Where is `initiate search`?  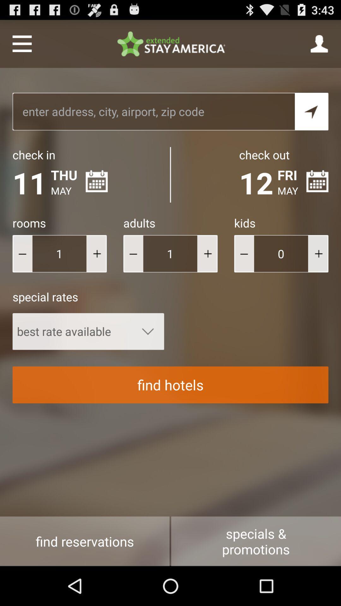
initiate search is located at coordinates (311, 111).